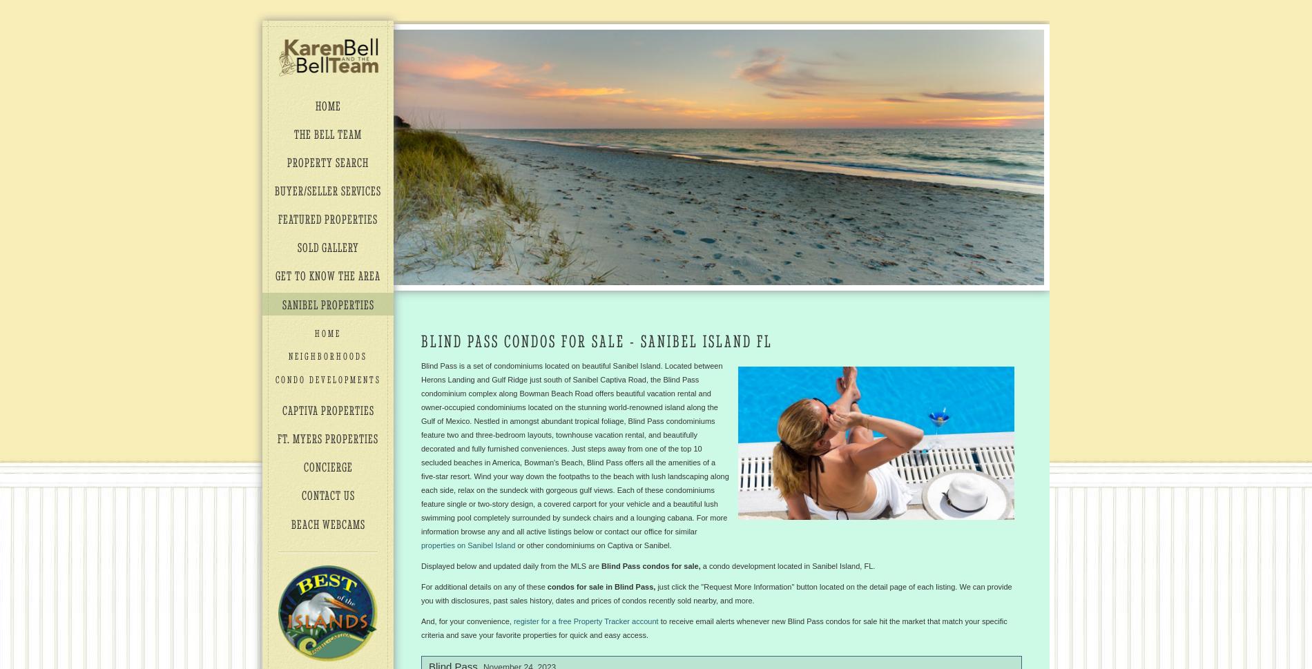 This screenshot has width=1312, height=669. I want to click on 'Featured Properties', so click(328, 218).